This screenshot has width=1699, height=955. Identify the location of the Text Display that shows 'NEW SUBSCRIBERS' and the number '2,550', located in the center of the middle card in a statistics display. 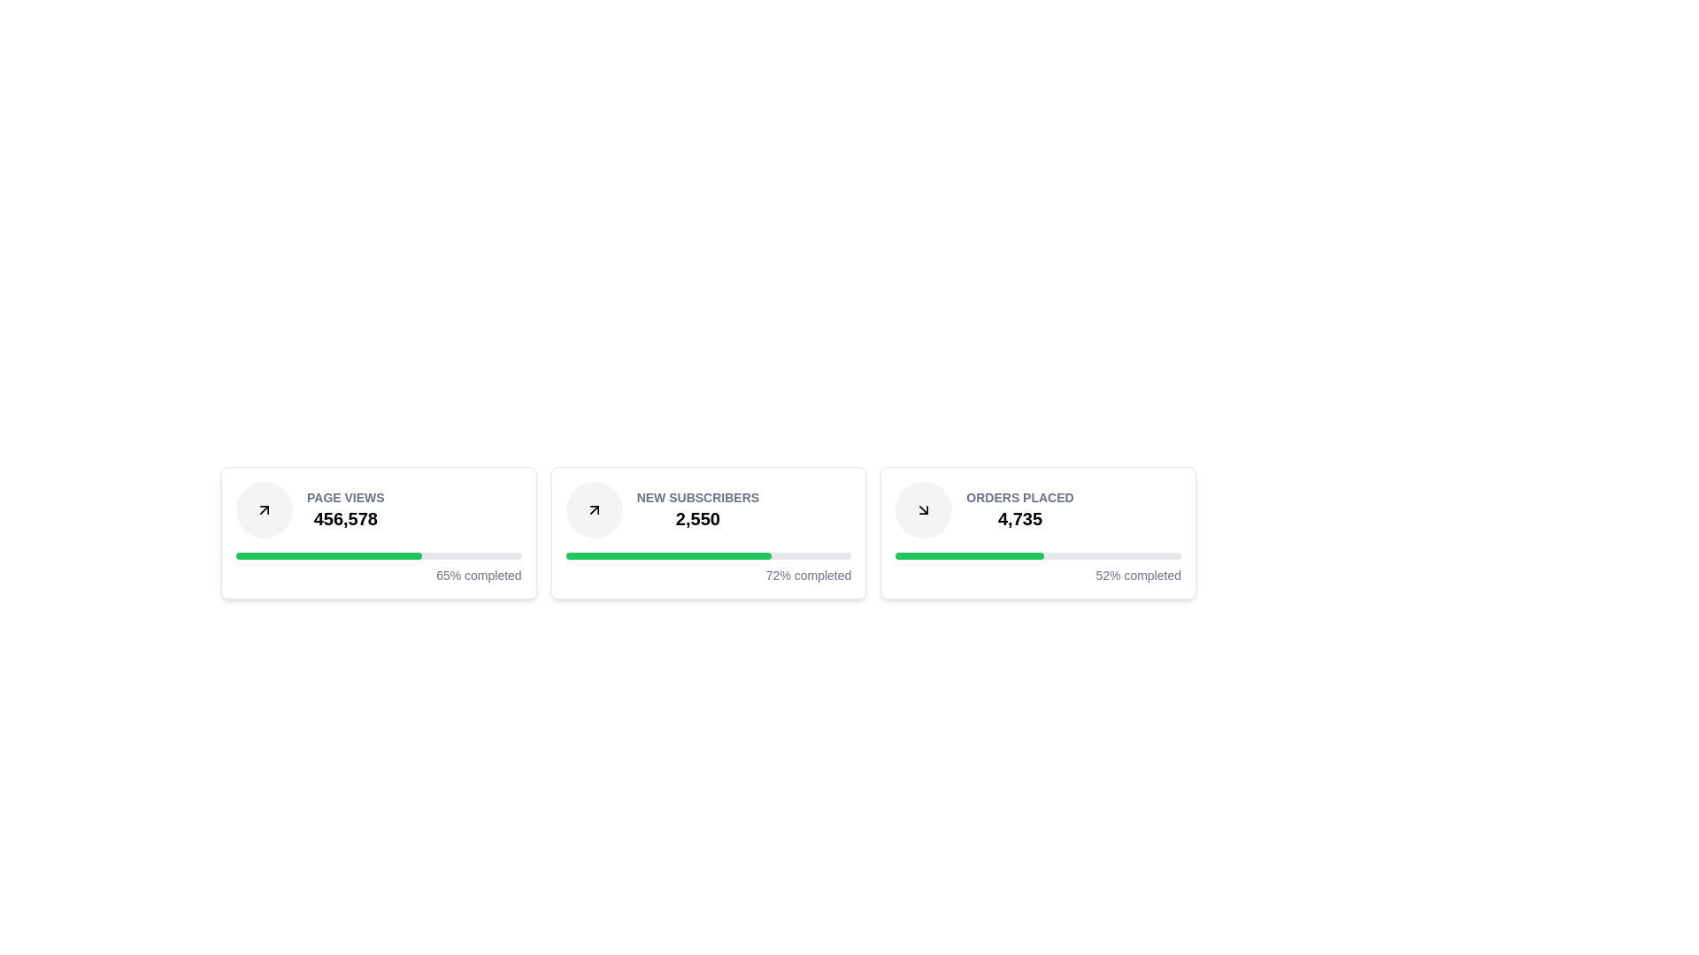
(696, 510).